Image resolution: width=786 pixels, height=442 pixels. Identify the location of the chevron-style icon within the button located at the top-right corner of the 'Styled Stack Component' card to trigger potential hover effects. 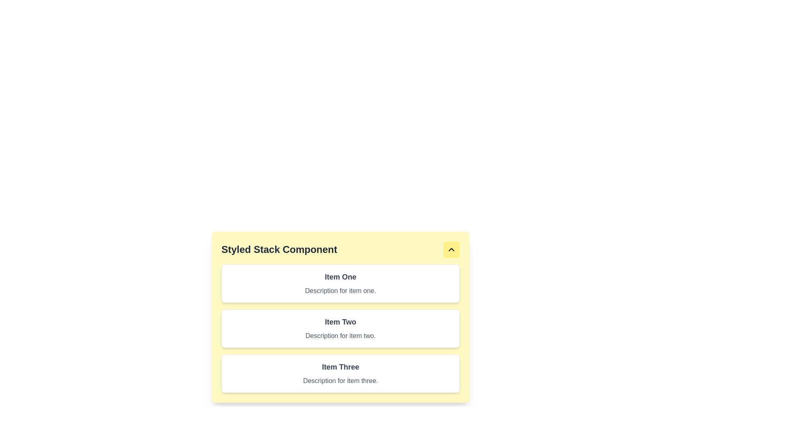
(451, 249).